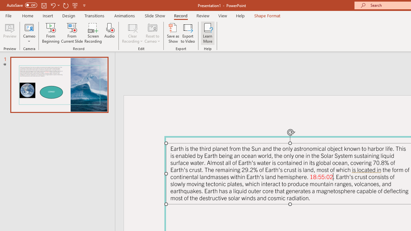 Image resolution: width=411 pixels, height=231 pixels. Describe the element at coordinates (208, 33) in the screenshot. I see `'Learn More'` at that location.